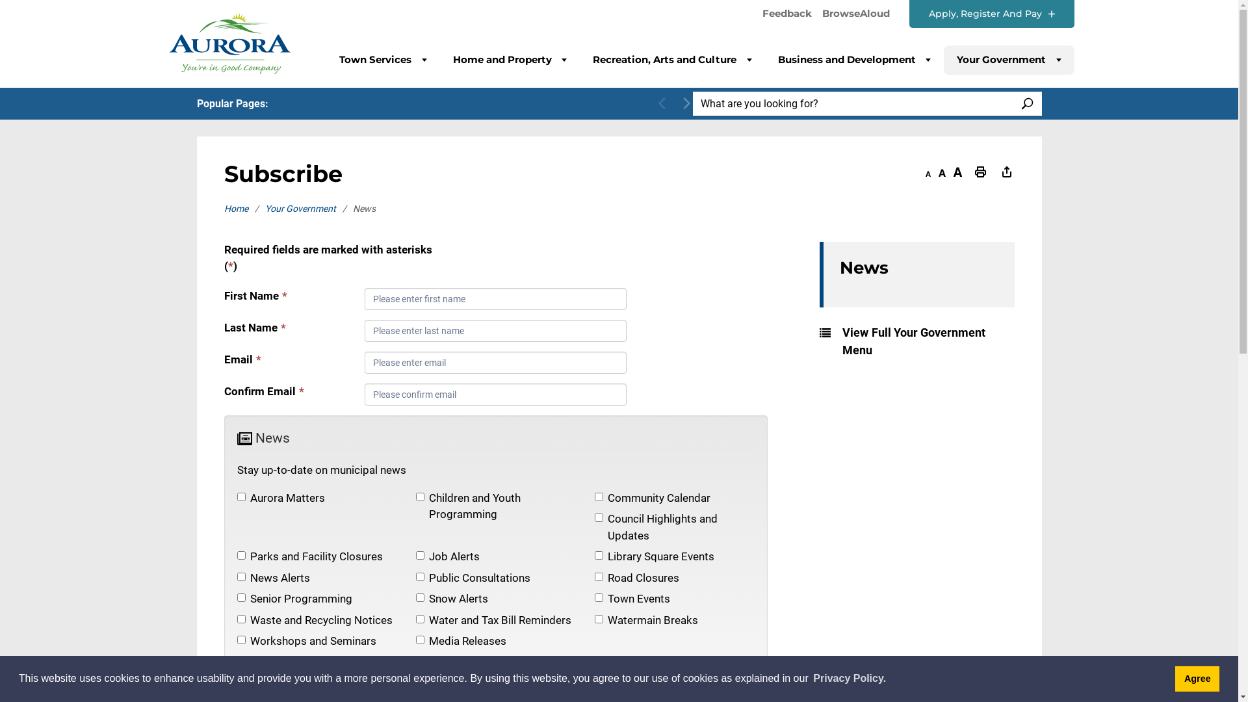 The image size is (1248, 702). Describe the element at coordinates (918, 274) in the screenshot. I see `'News'` at that location.